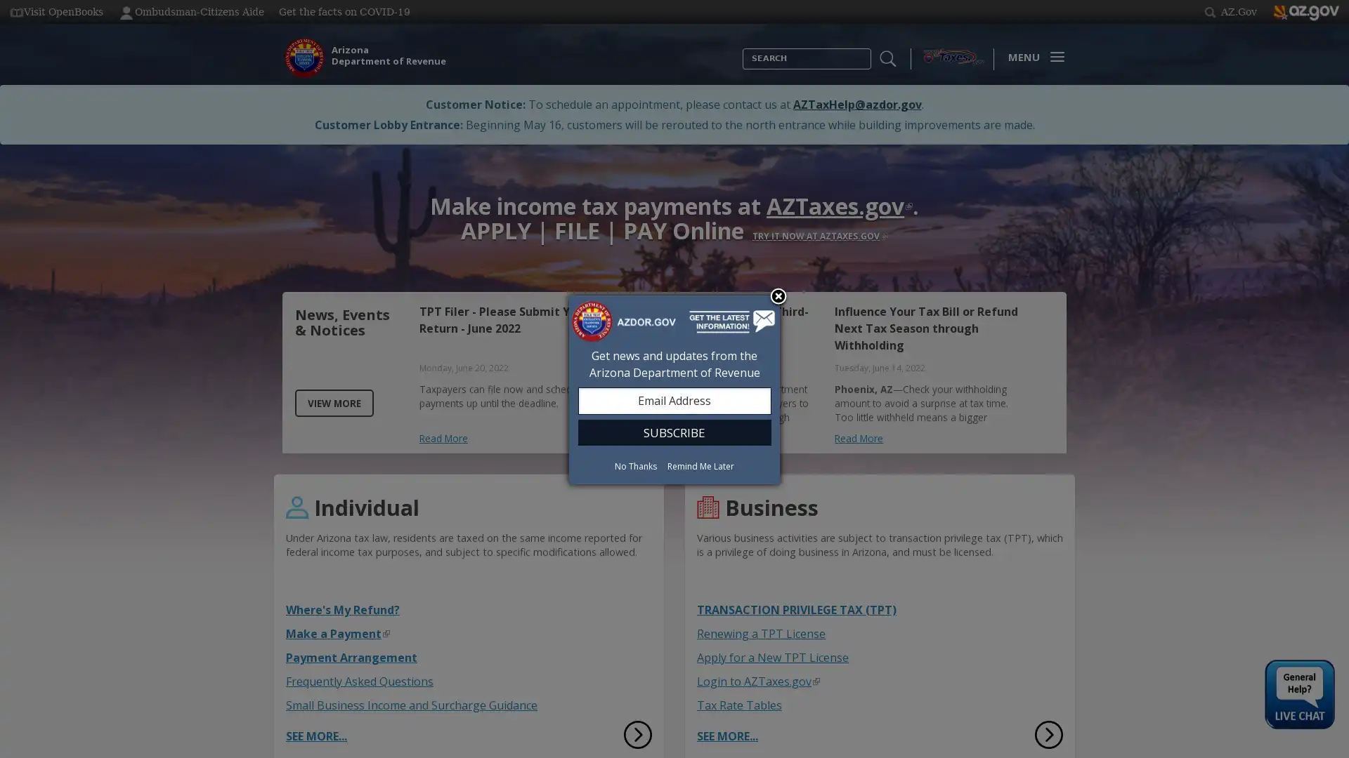  I want to click on Subscribe, so click(673, 431).